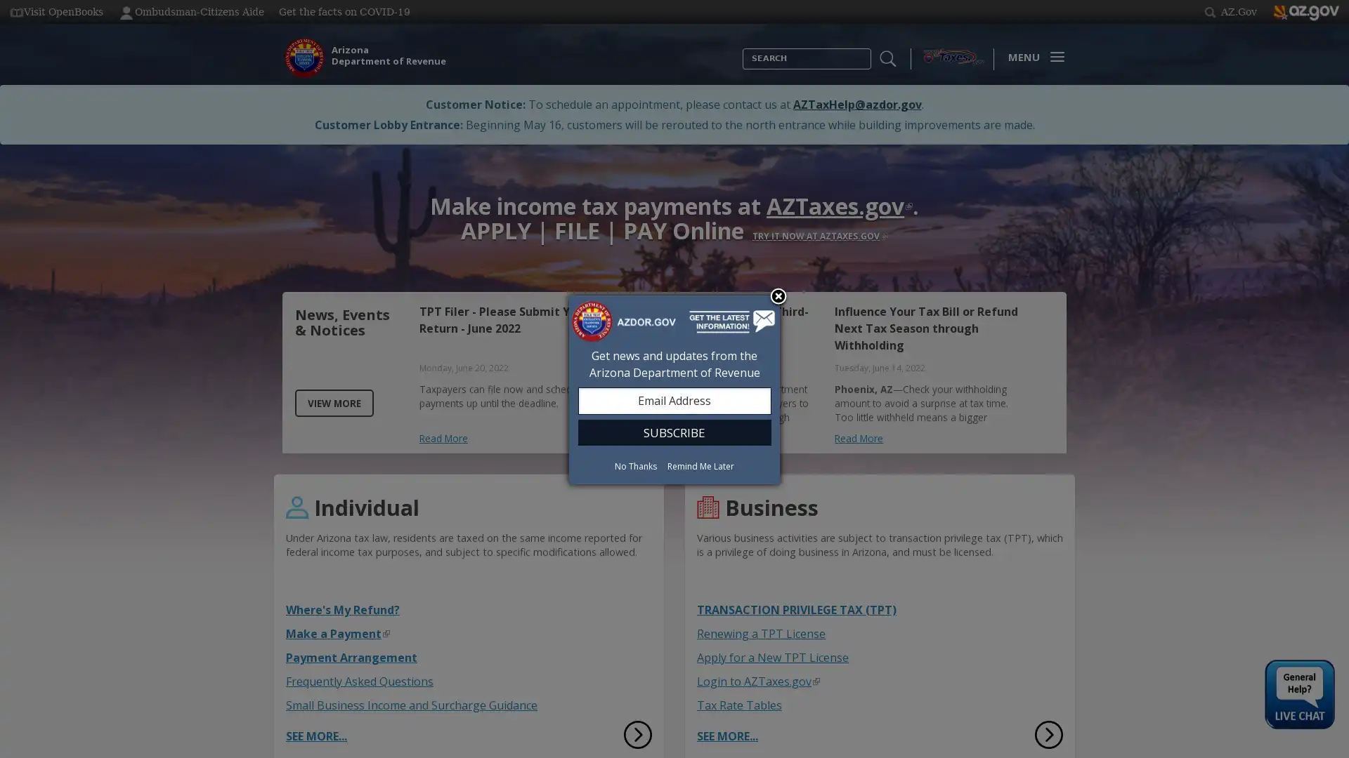  I want to click on Subscribe, so click(673, 431).